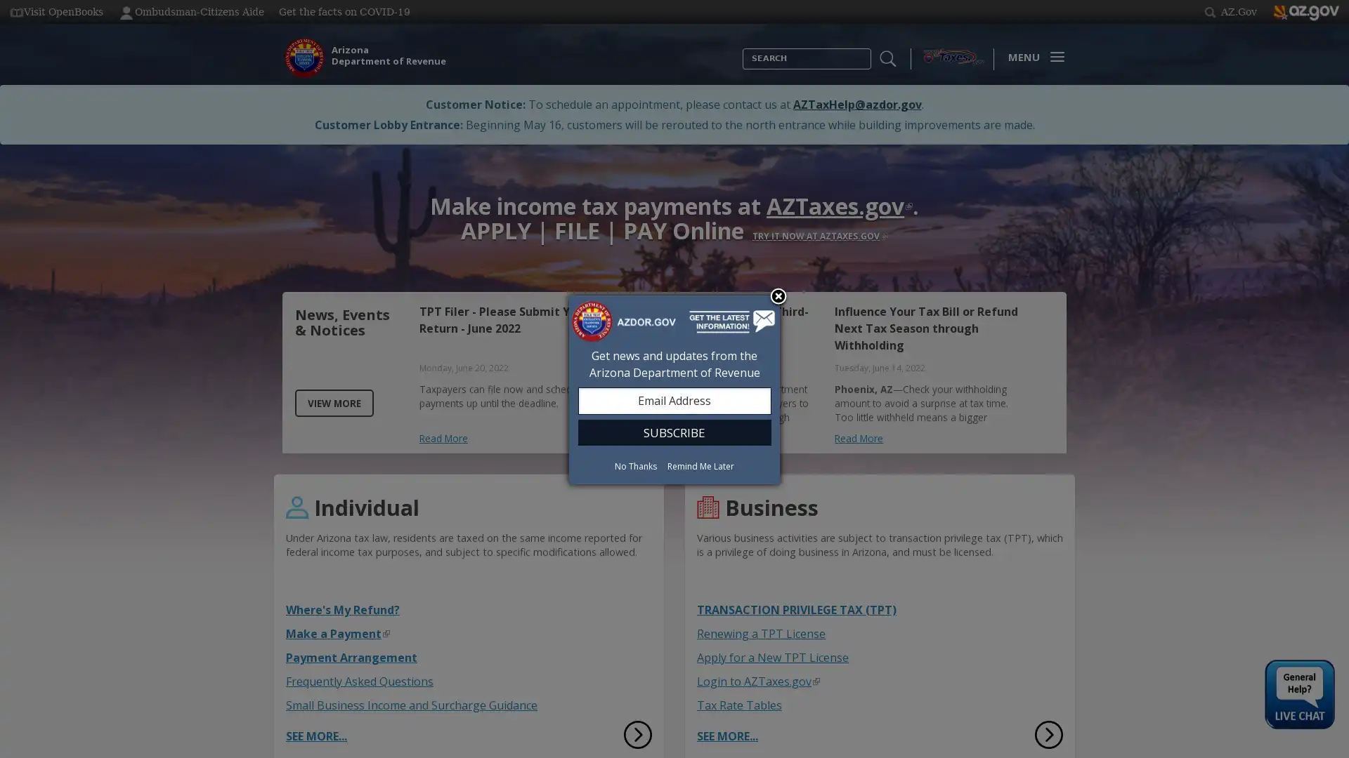  I want to click on Subscribe, so click(673, 431).